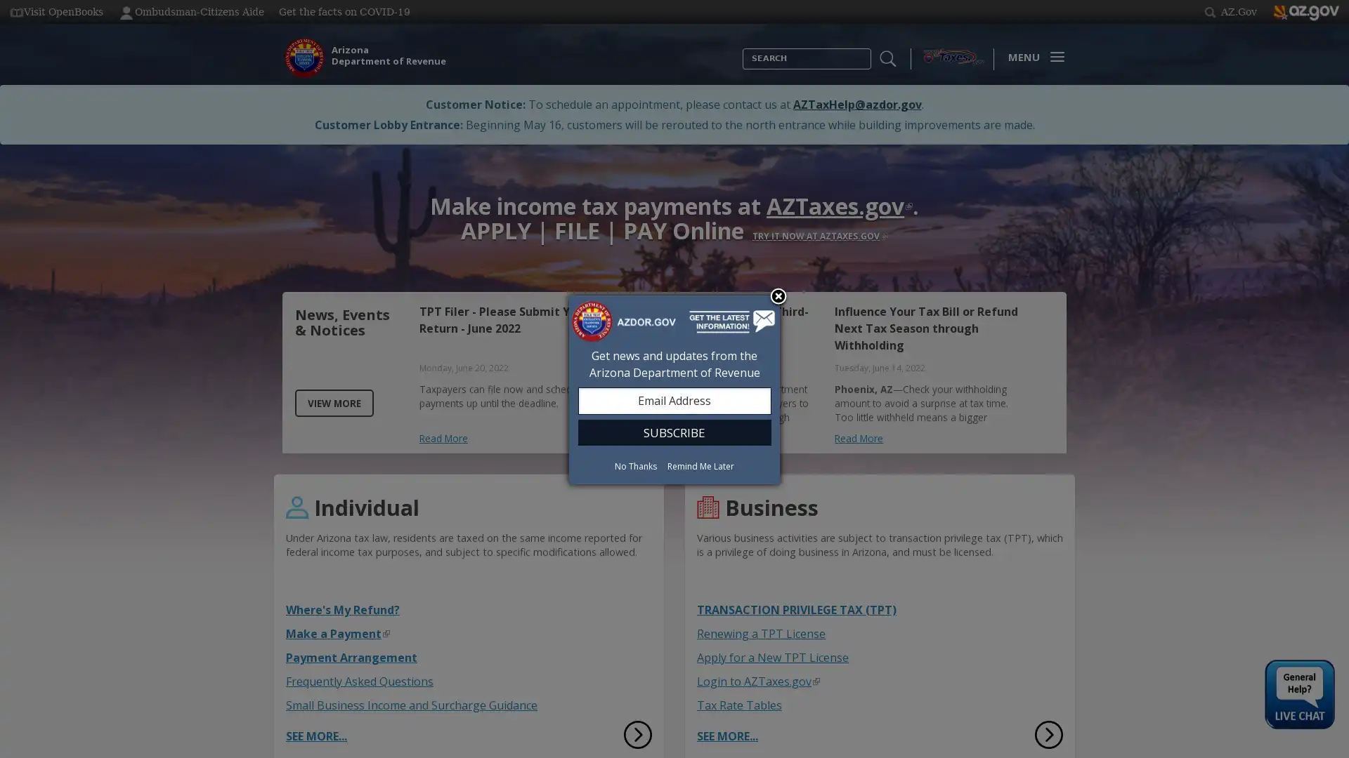  I want to click on Subscribe, so click(673, 431).